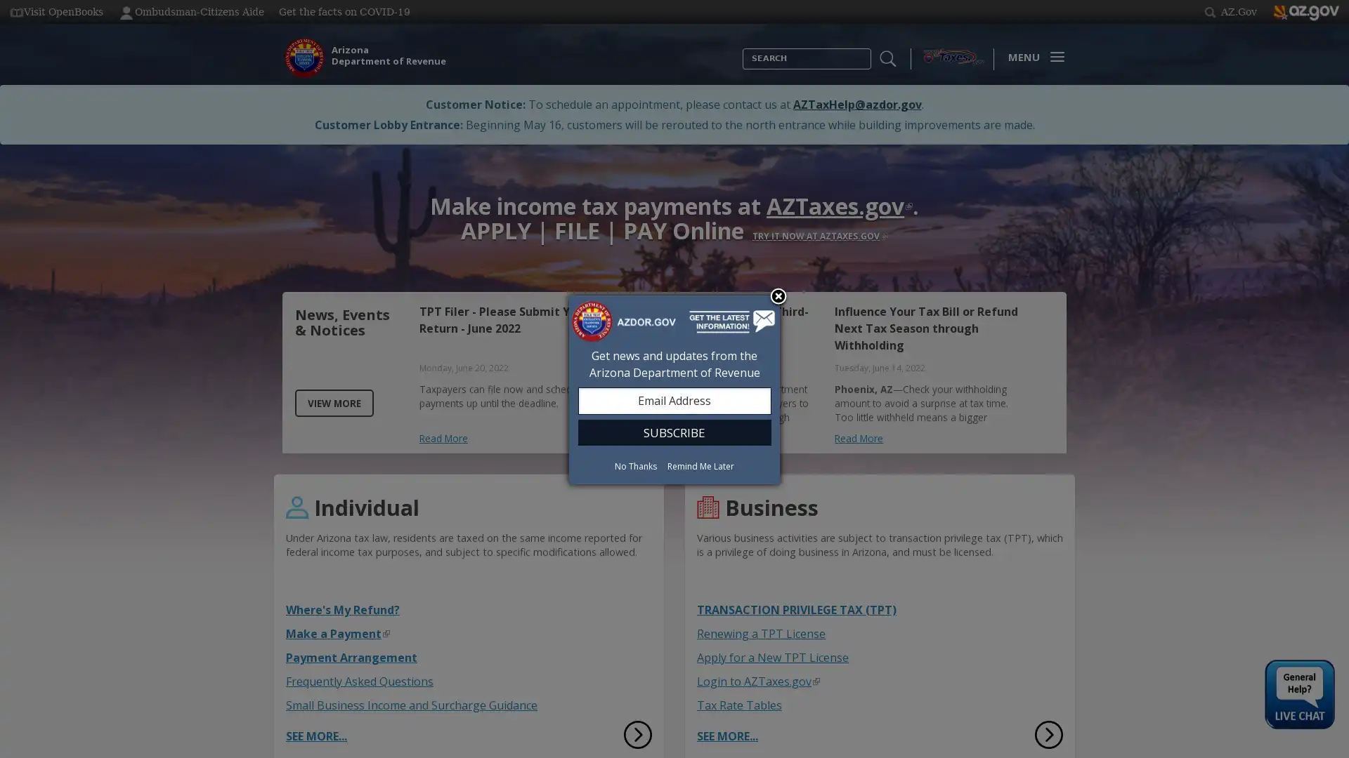  I want to click on Subscribe, so click(673, 431).